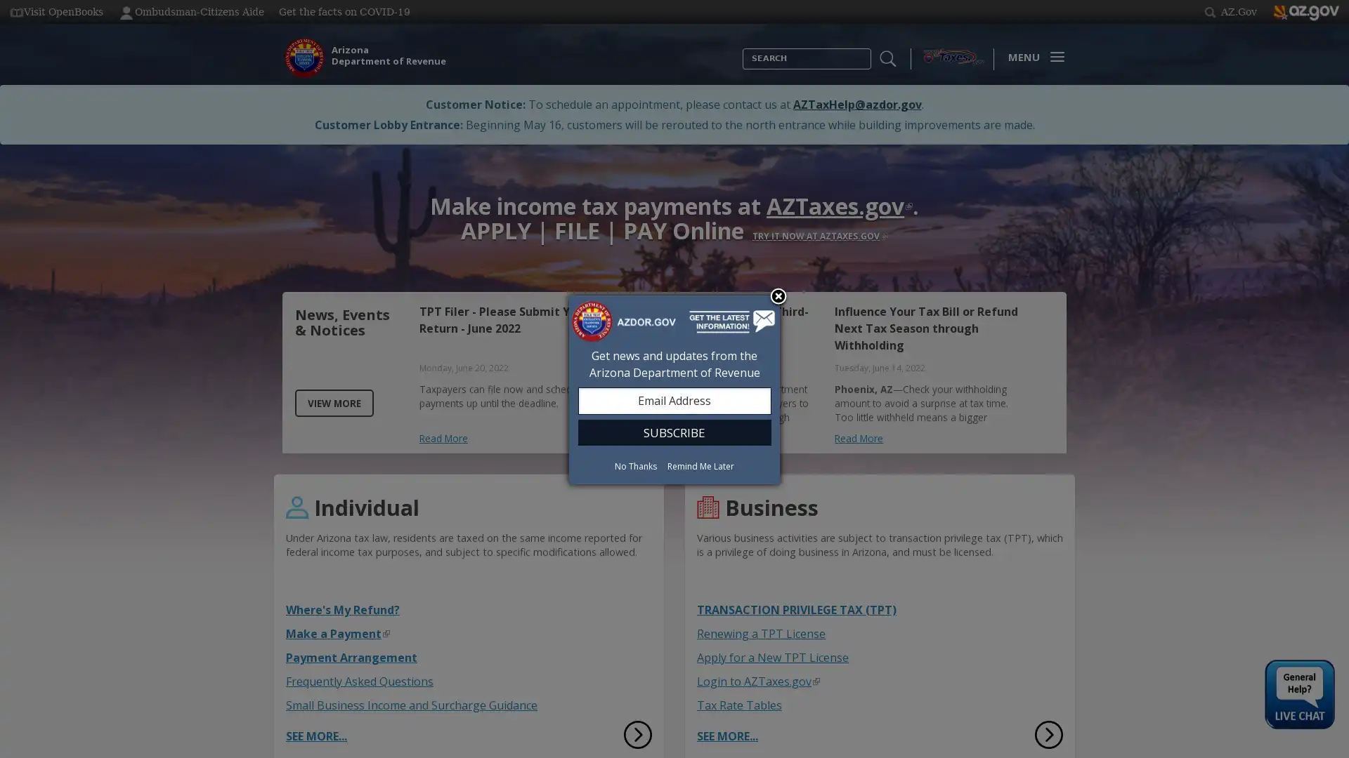  I want to click on Subscribe, so click(673, 431).